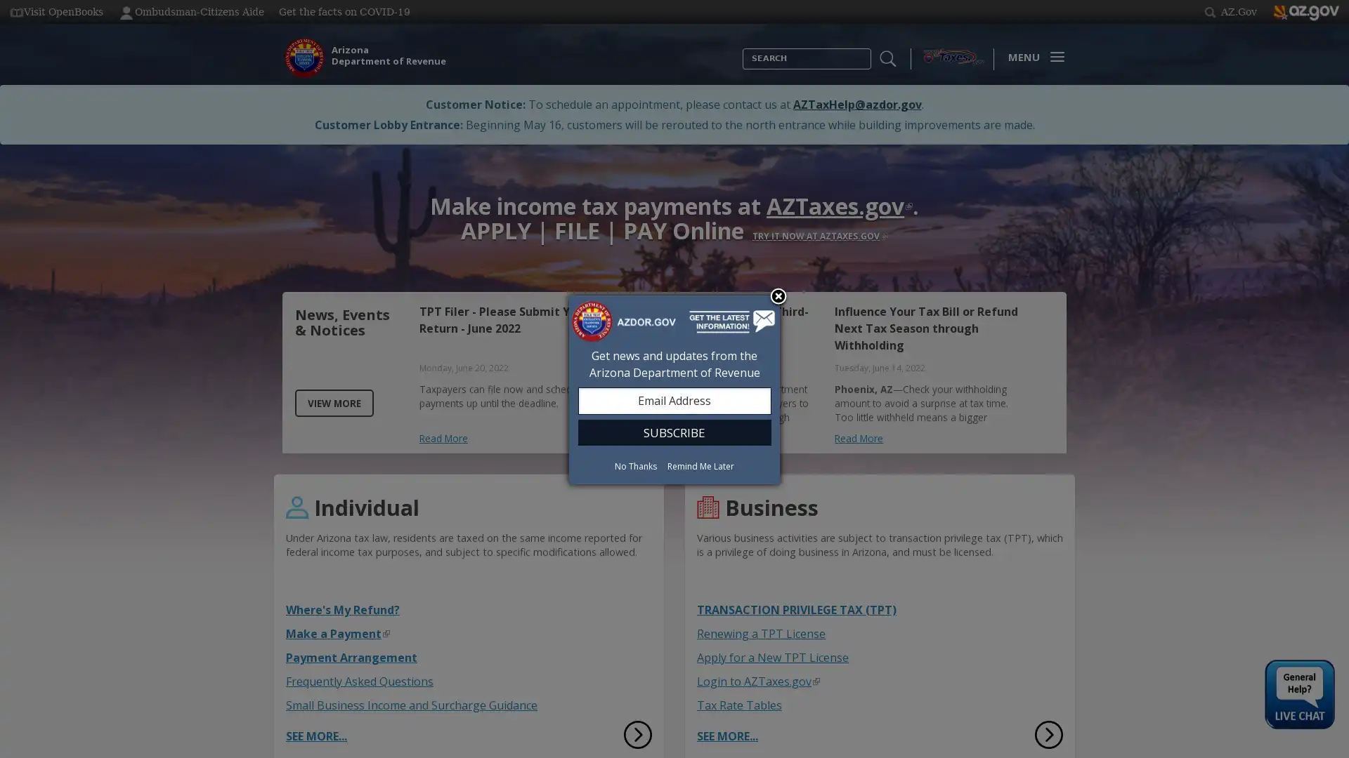  I want to click on Subscribe, so click(673, 431).